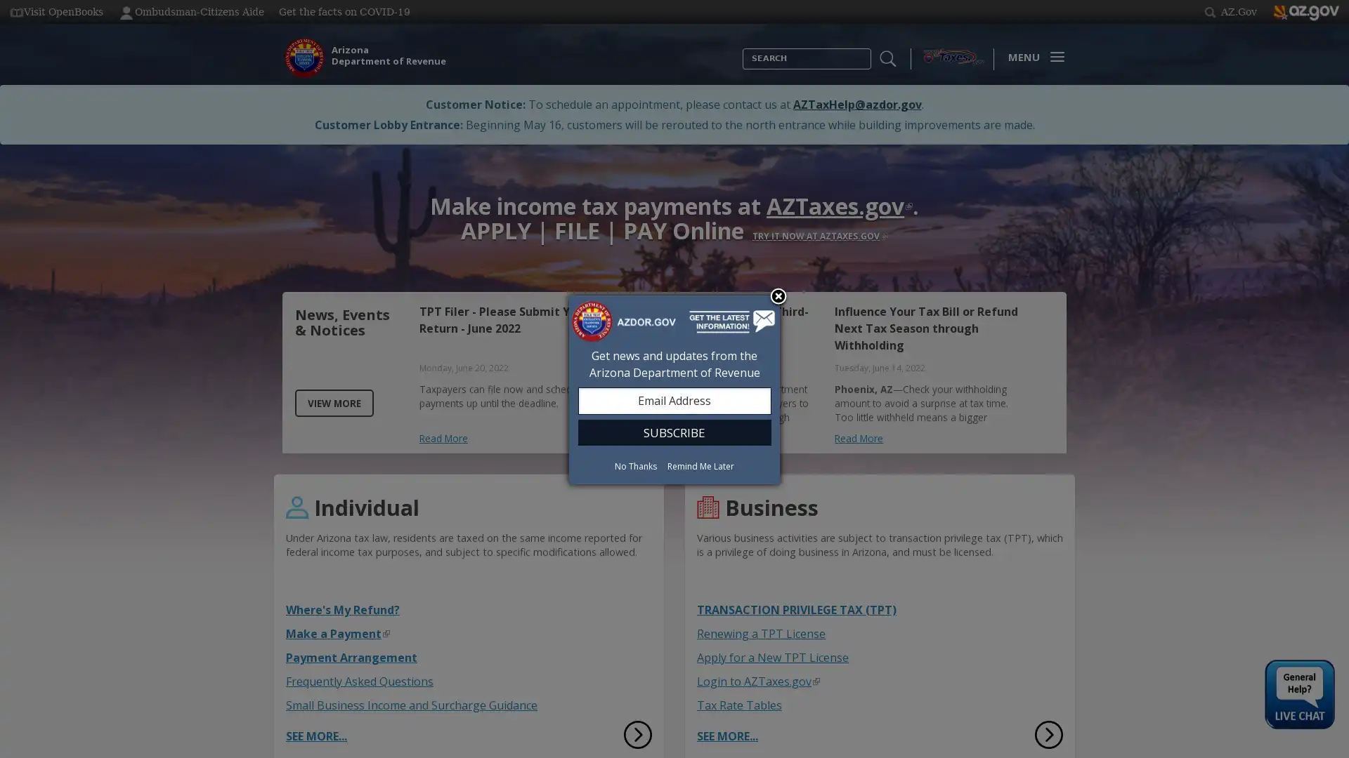  I want to click on Subscribe, so click(673, 431).